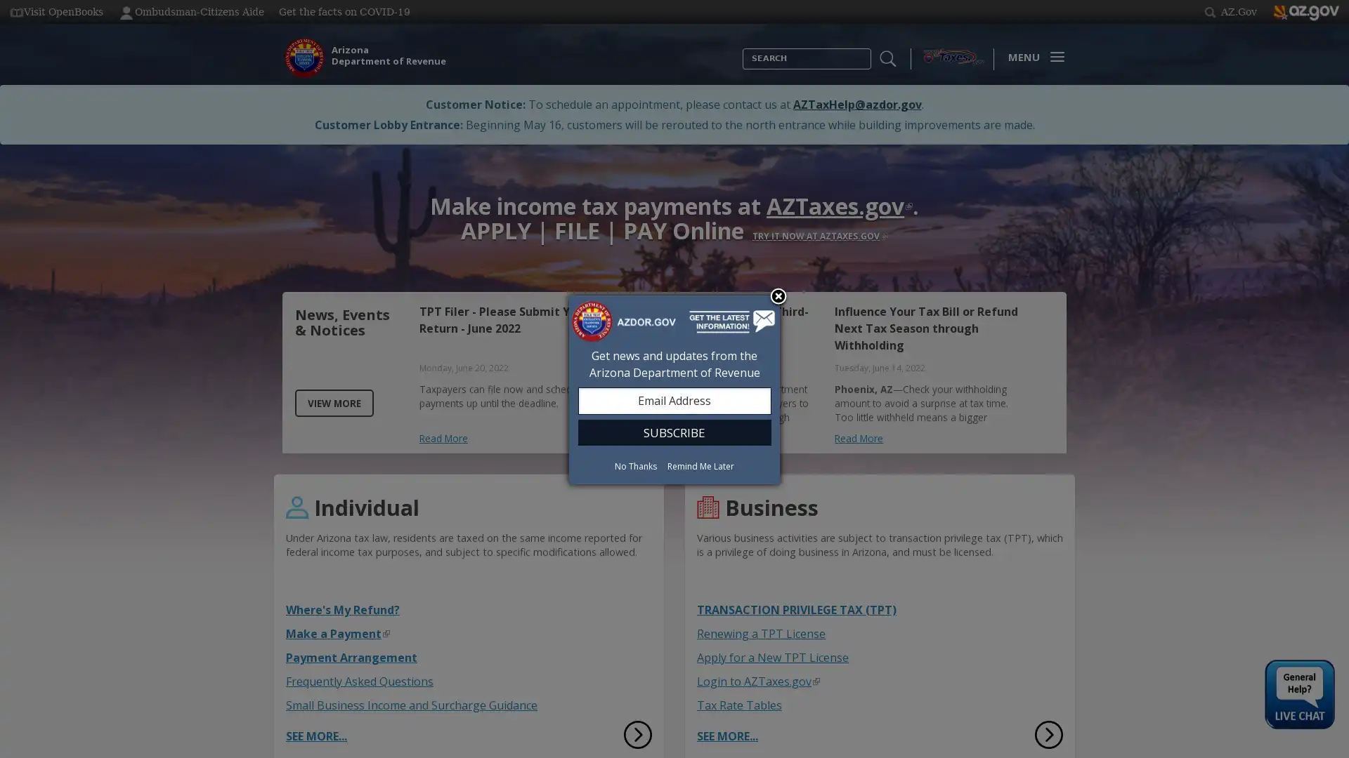  I want to click on Subscribe, so click(673, 431).